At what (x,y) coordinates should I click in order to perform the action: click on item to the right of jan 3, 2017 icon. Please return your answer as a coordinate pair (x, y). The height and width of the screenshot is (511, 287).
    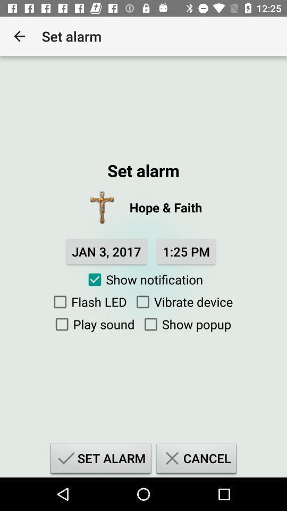
    Looking at the image, I should click on (185, 251).